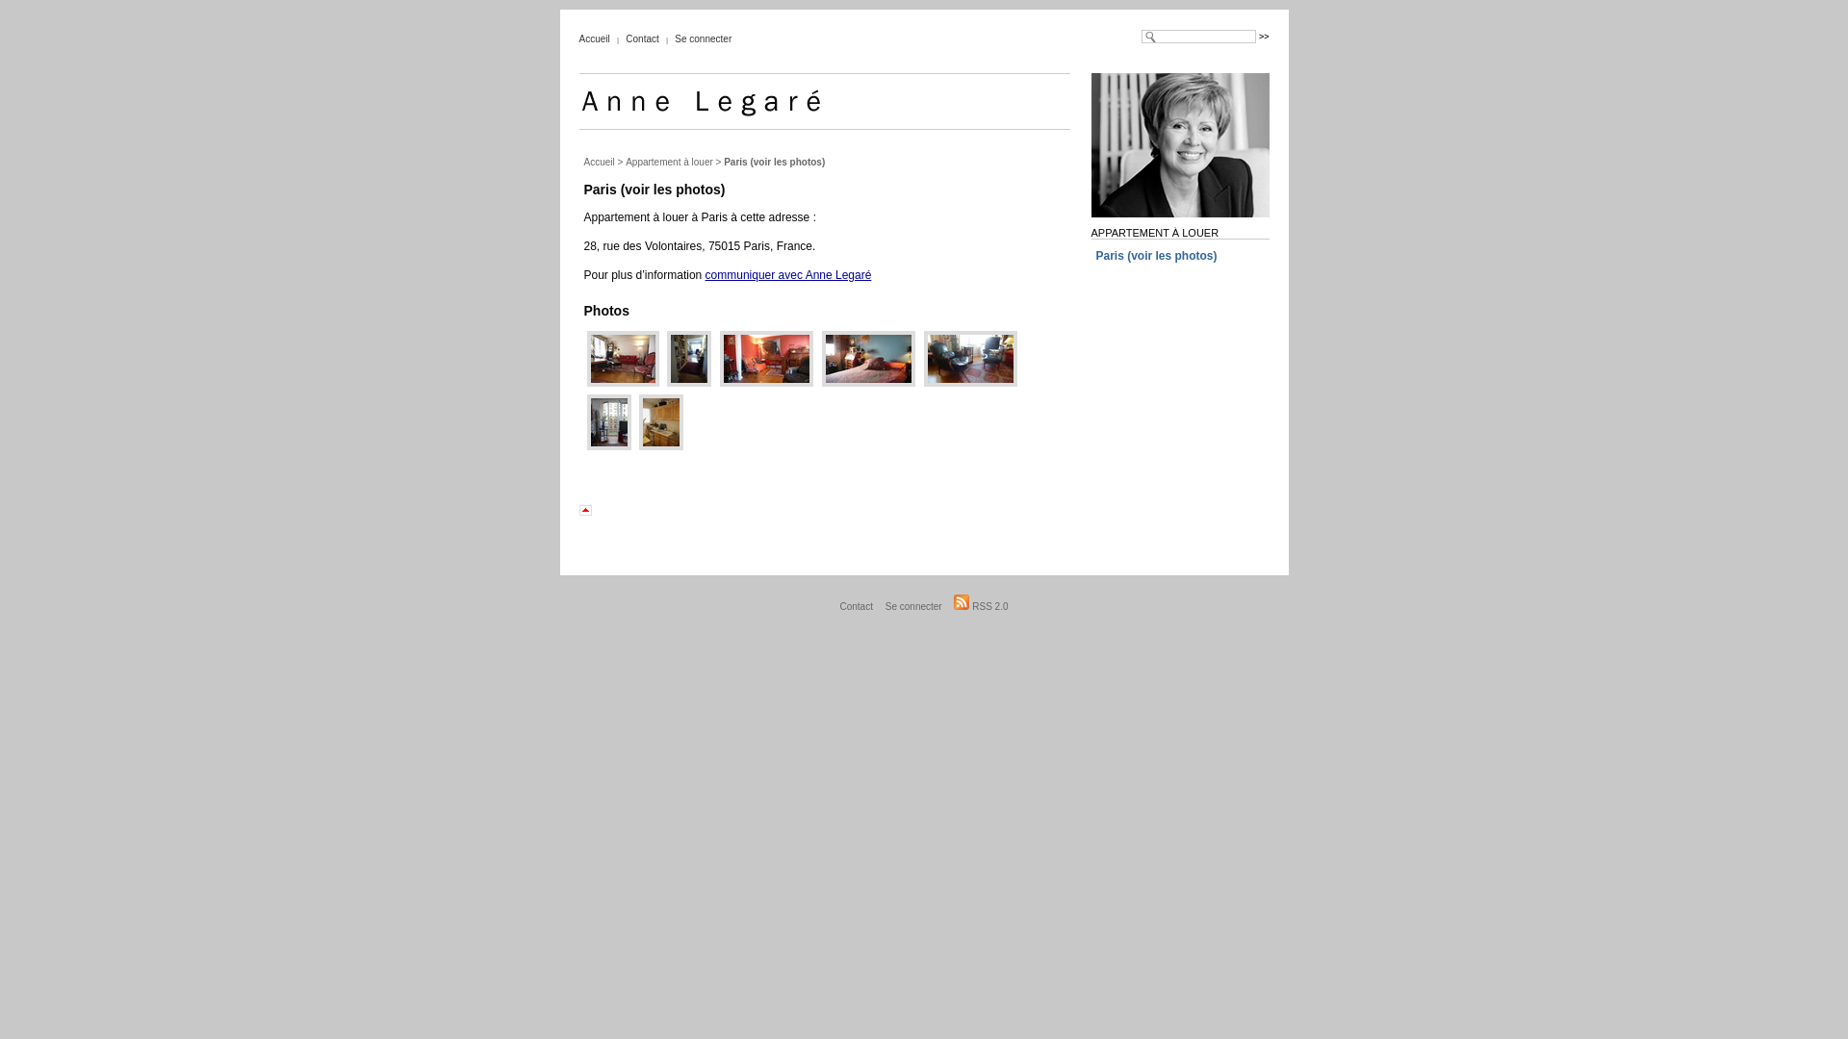  What do you see at coordinates (1259, 37) in the screenshot?
I see `'Rechercher'` at bounding box center [1259, 37].